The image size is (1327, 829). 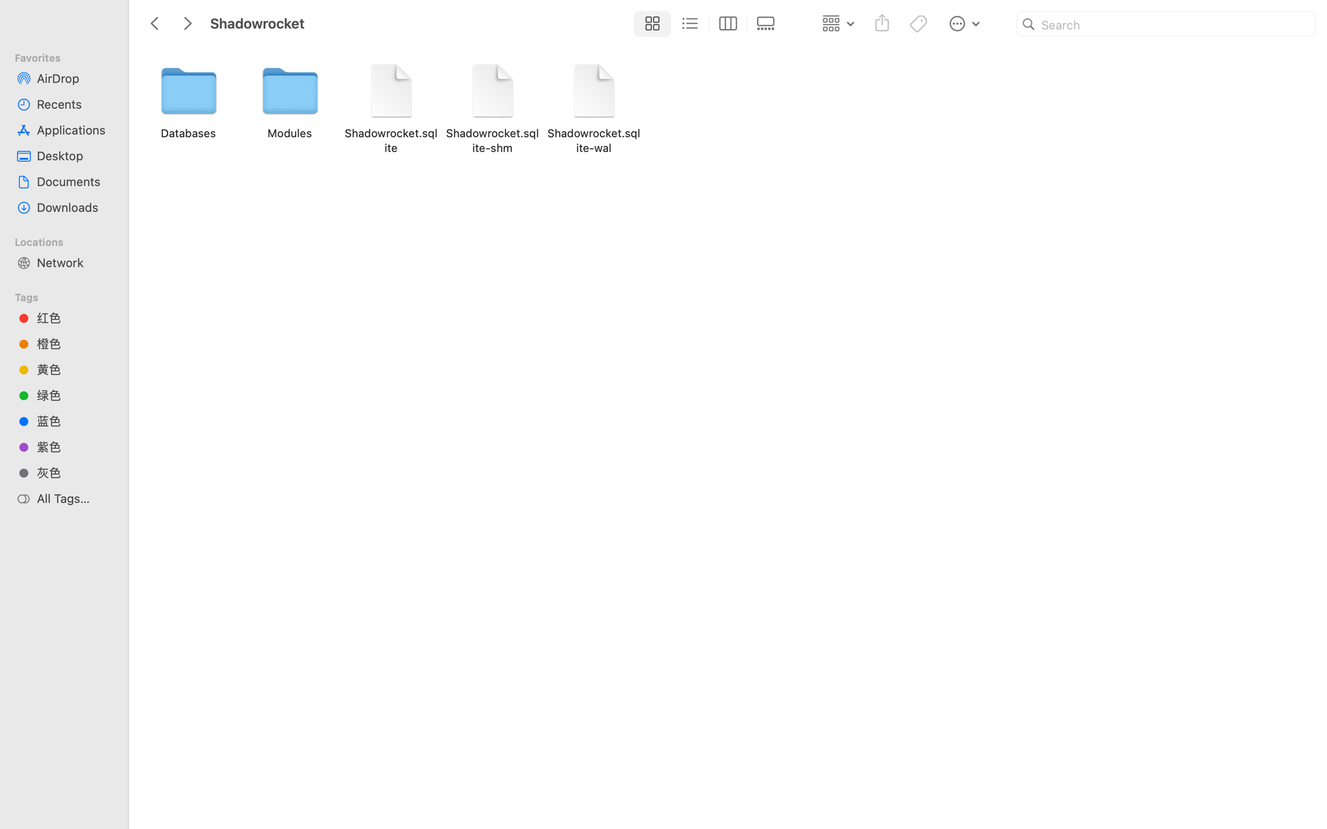 I want to click on 'AirDrop', so click(x=73, y=77).